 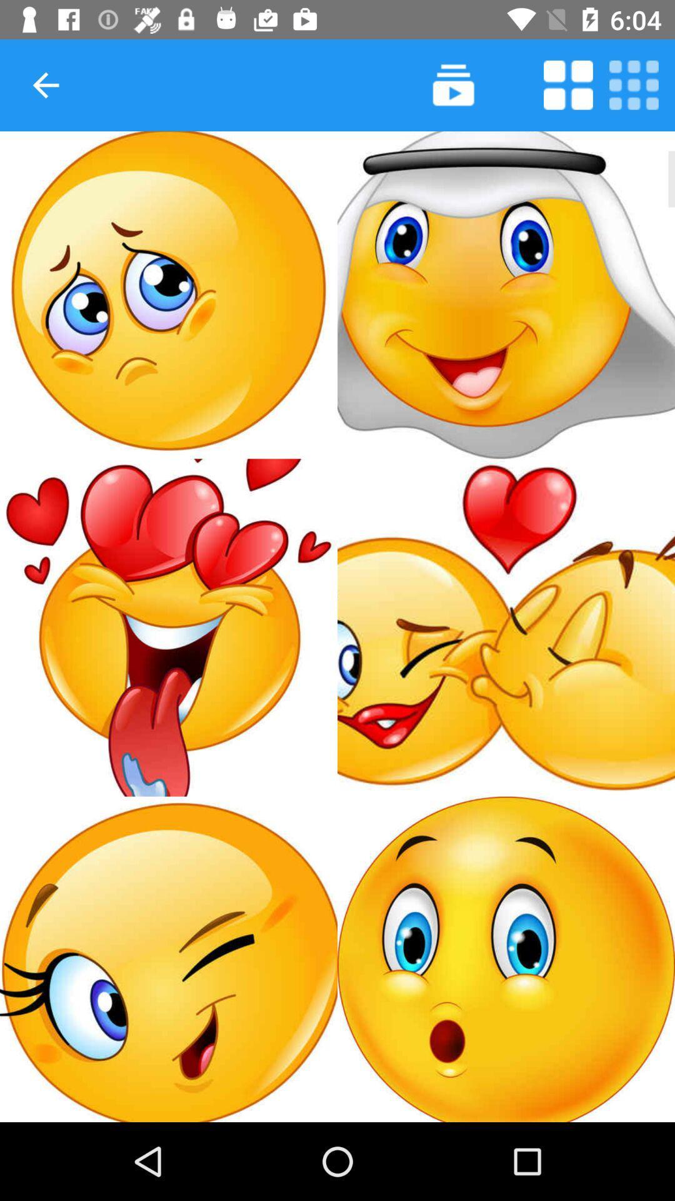 I want to click on choose this icon, so click(x=169, y=627).